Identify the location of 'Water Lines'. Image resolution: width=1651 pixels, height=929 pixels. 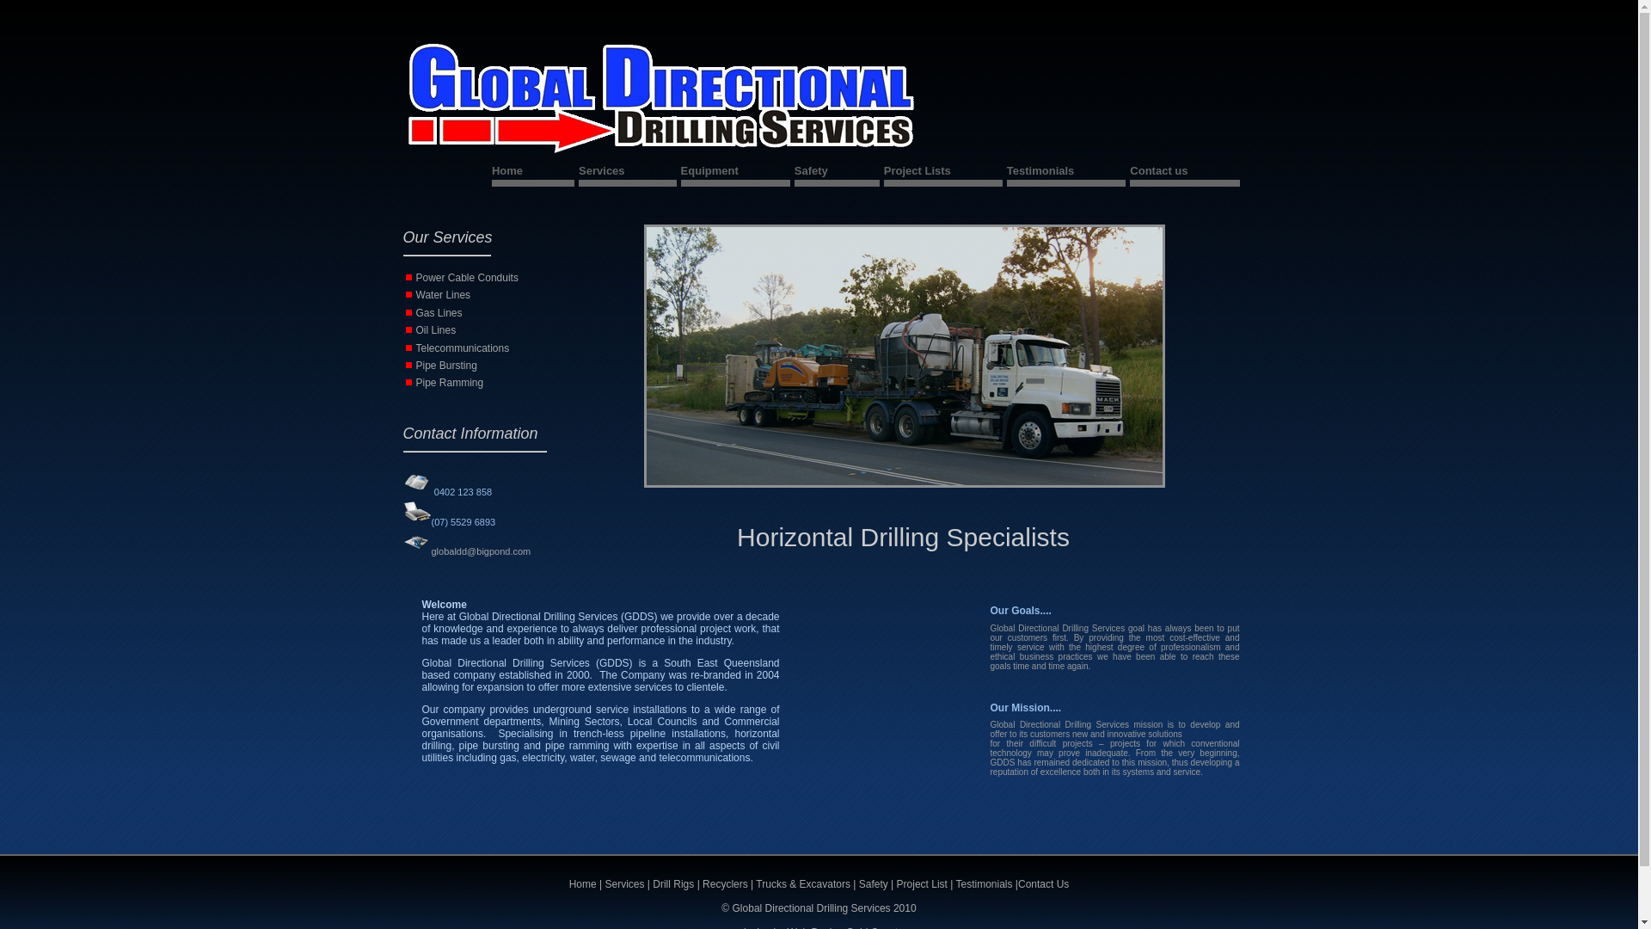
(443, 294).